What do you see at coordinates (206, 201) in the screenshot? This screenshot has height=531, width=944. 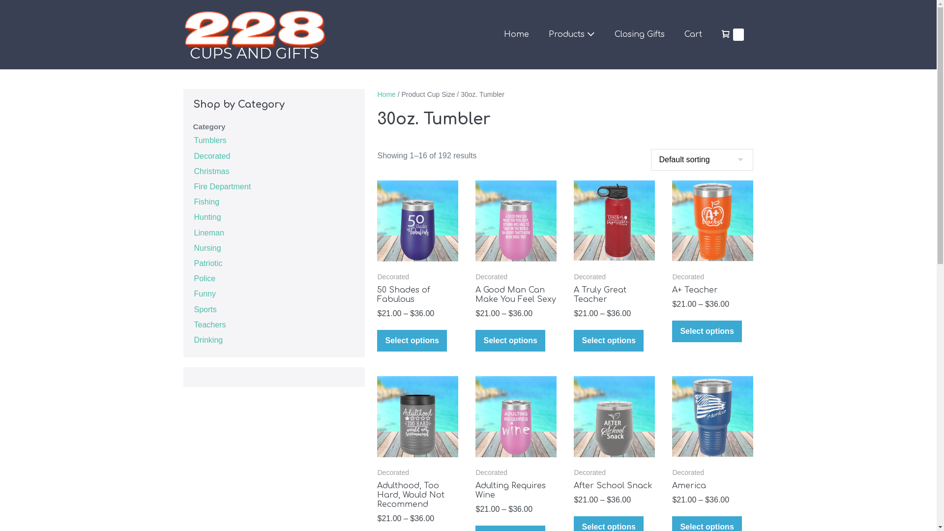 I see `'Fishing'` at bounding box center [206, 201].